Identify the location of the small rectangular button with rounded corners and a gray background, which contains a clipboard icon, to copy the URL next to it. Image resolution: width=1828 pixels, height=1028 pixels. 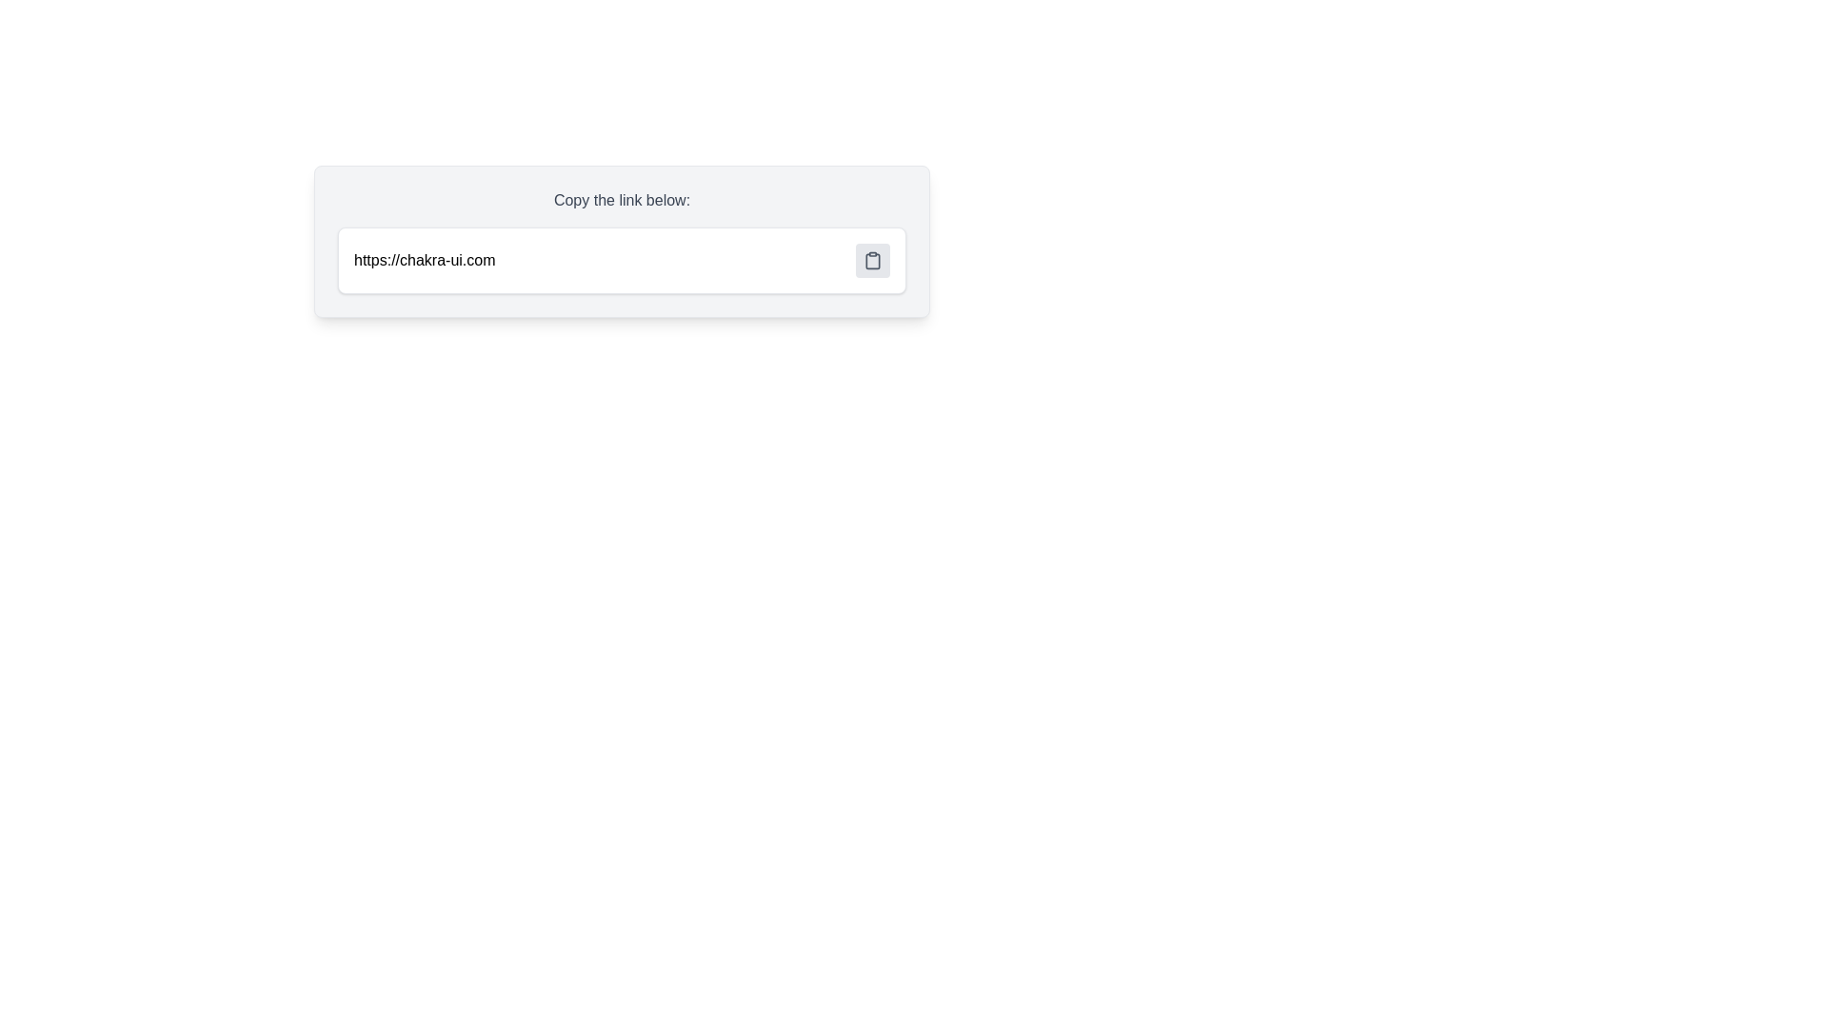
(871, 260).